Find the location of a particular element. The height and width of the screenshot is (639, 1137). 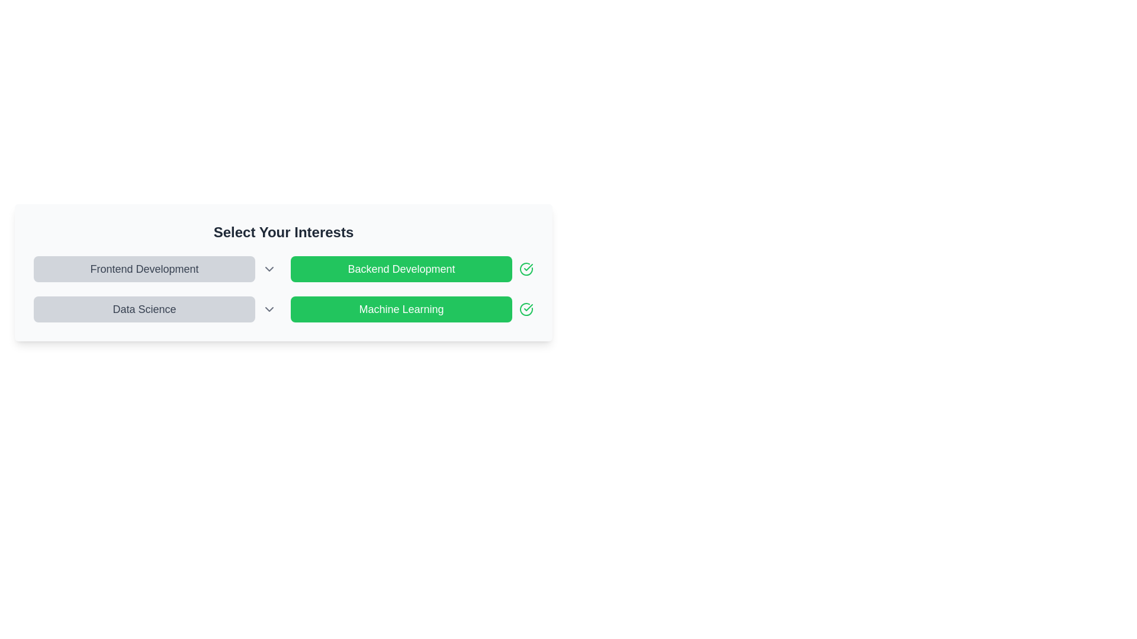

the button labeled 'Frontend Development' to toggle its activation state is located at coordinates (144, 269).